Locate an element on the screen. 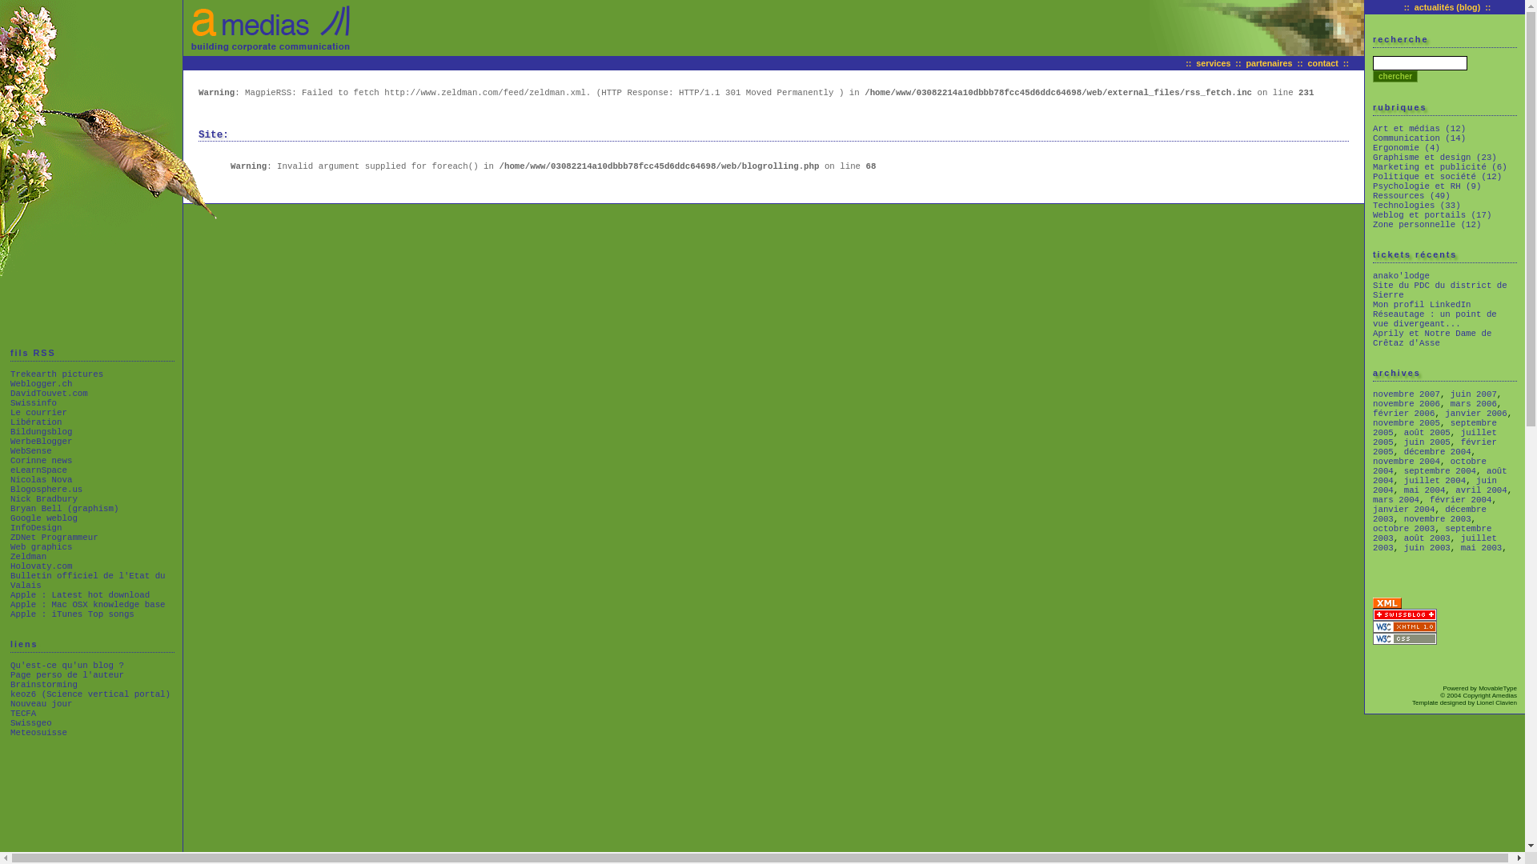 This screenshot has height=864, width=1537. 'partenaires' is located at coordinates (1268, 62).